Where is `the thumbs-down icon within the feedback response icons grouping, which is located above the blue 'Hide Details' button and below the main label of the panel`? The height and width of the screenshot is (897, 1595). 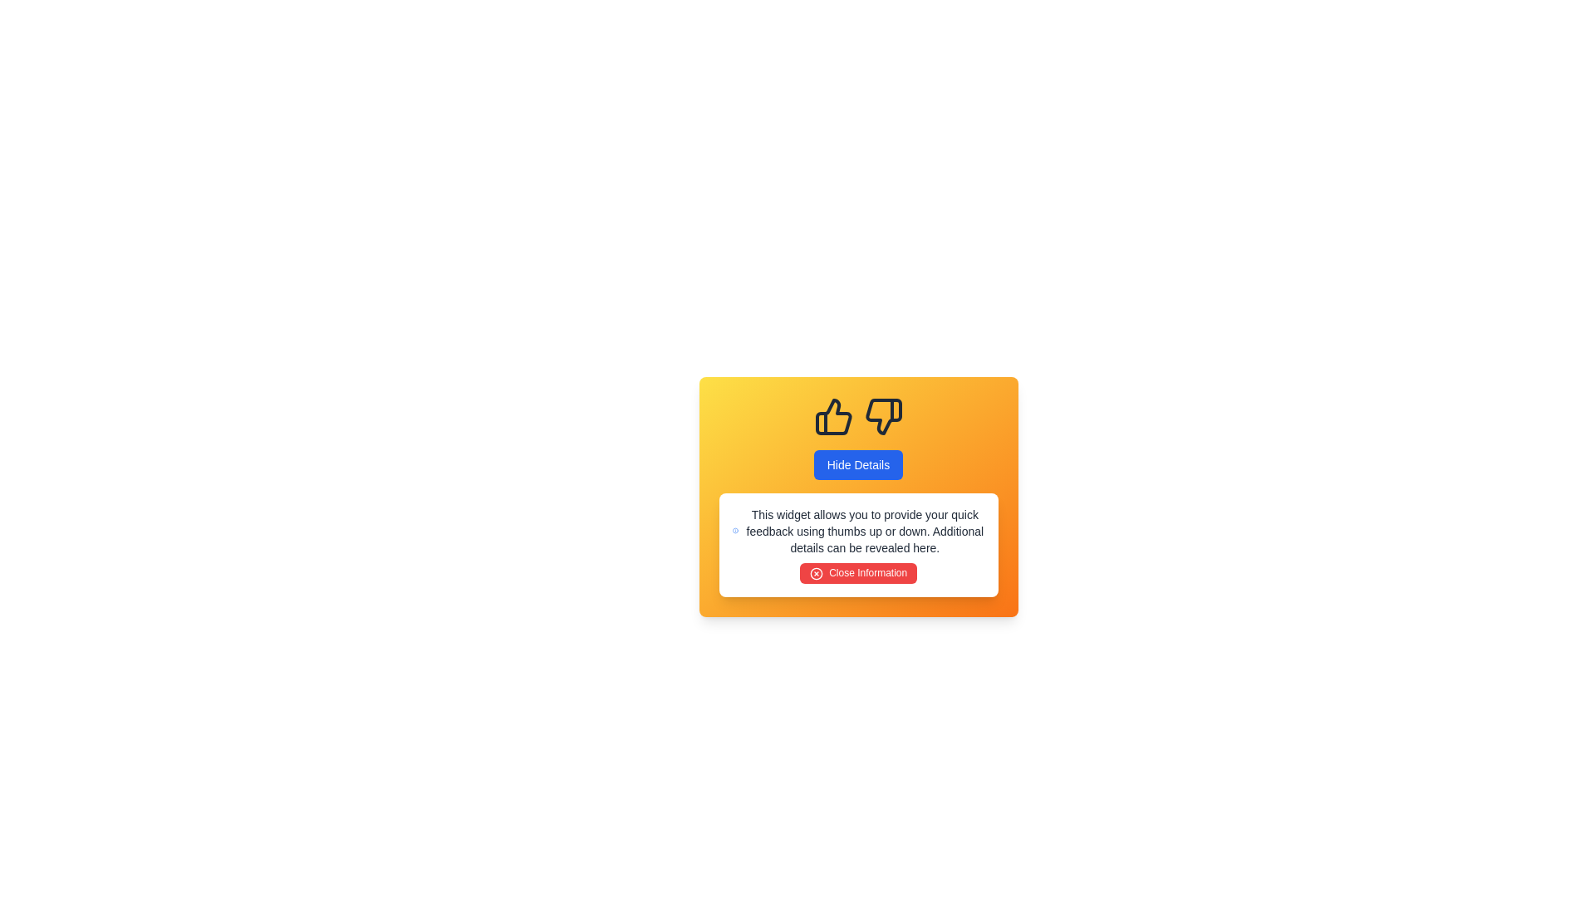
the thumbs-down icon within the feedback response icons grouping, which is located above the blue 'Hide Details' button and below the main label of the panel is located at coordinates (858, 415).